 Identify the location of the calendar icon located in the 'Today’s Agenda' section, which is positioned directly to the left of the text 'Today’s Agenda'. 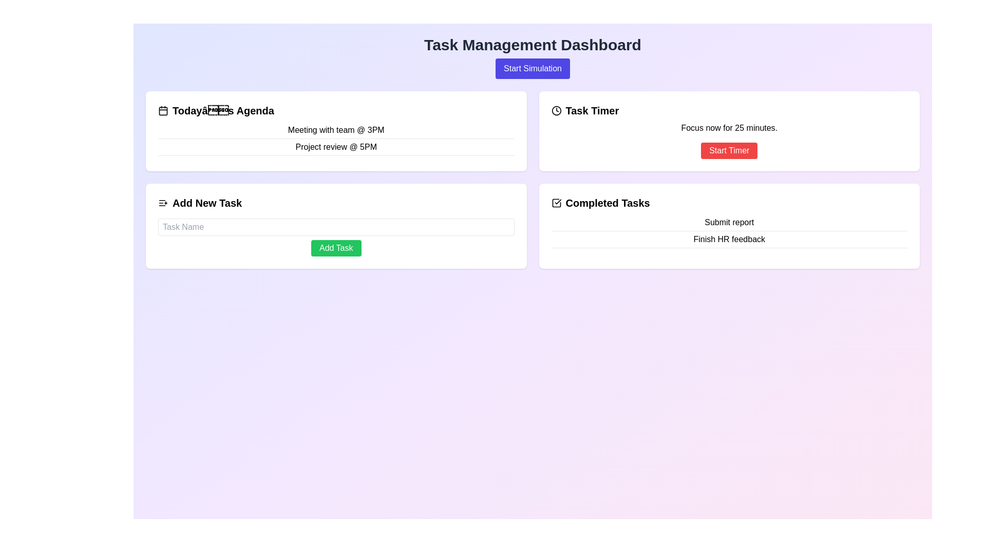
(162, 111).